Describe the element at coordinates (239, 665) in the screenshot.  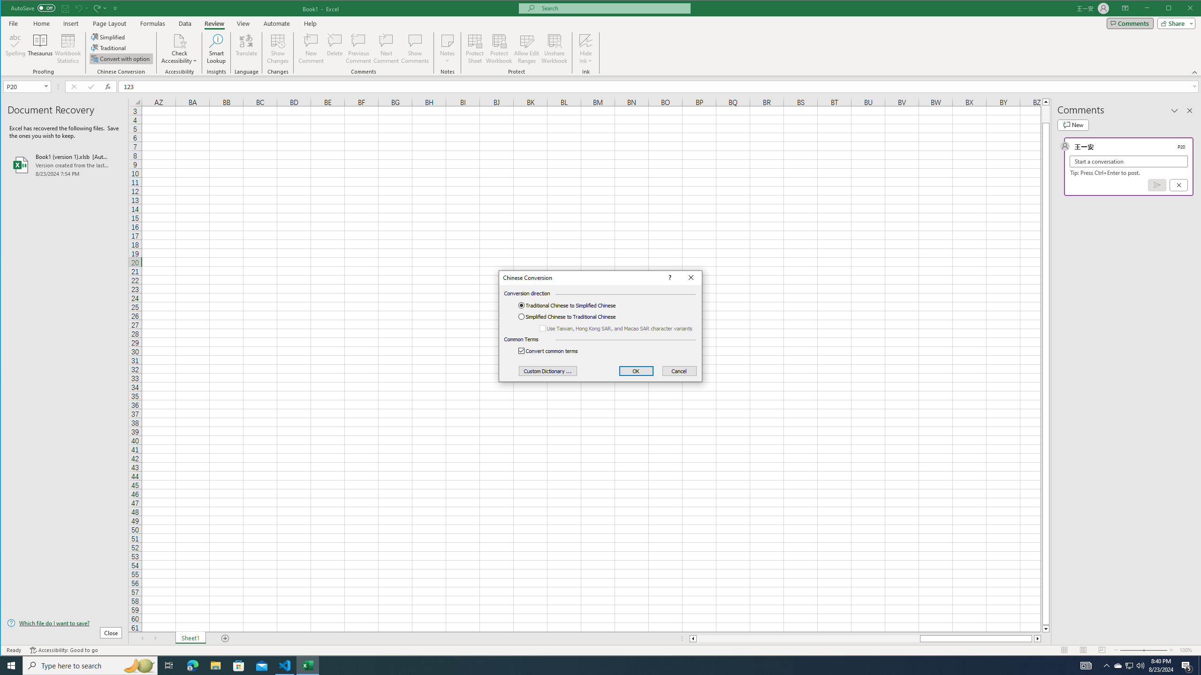
I see `'Microsoft Store'` at that location.